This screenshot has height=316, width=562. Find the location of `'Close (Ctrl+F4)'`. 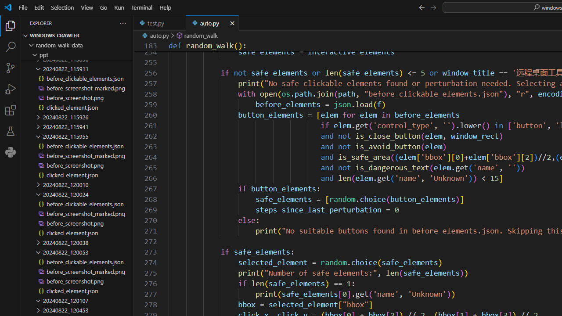

'Close (Ctrl+F4)' is located at coordinates (232, 22).